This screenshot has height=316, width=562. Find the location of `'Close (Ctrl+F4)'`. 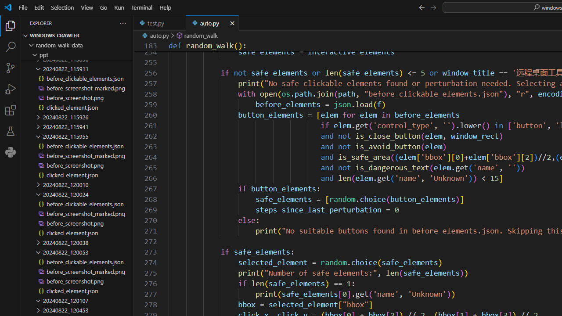

'Close (Ctrl+F4)' is located at coordinates (232, 22).